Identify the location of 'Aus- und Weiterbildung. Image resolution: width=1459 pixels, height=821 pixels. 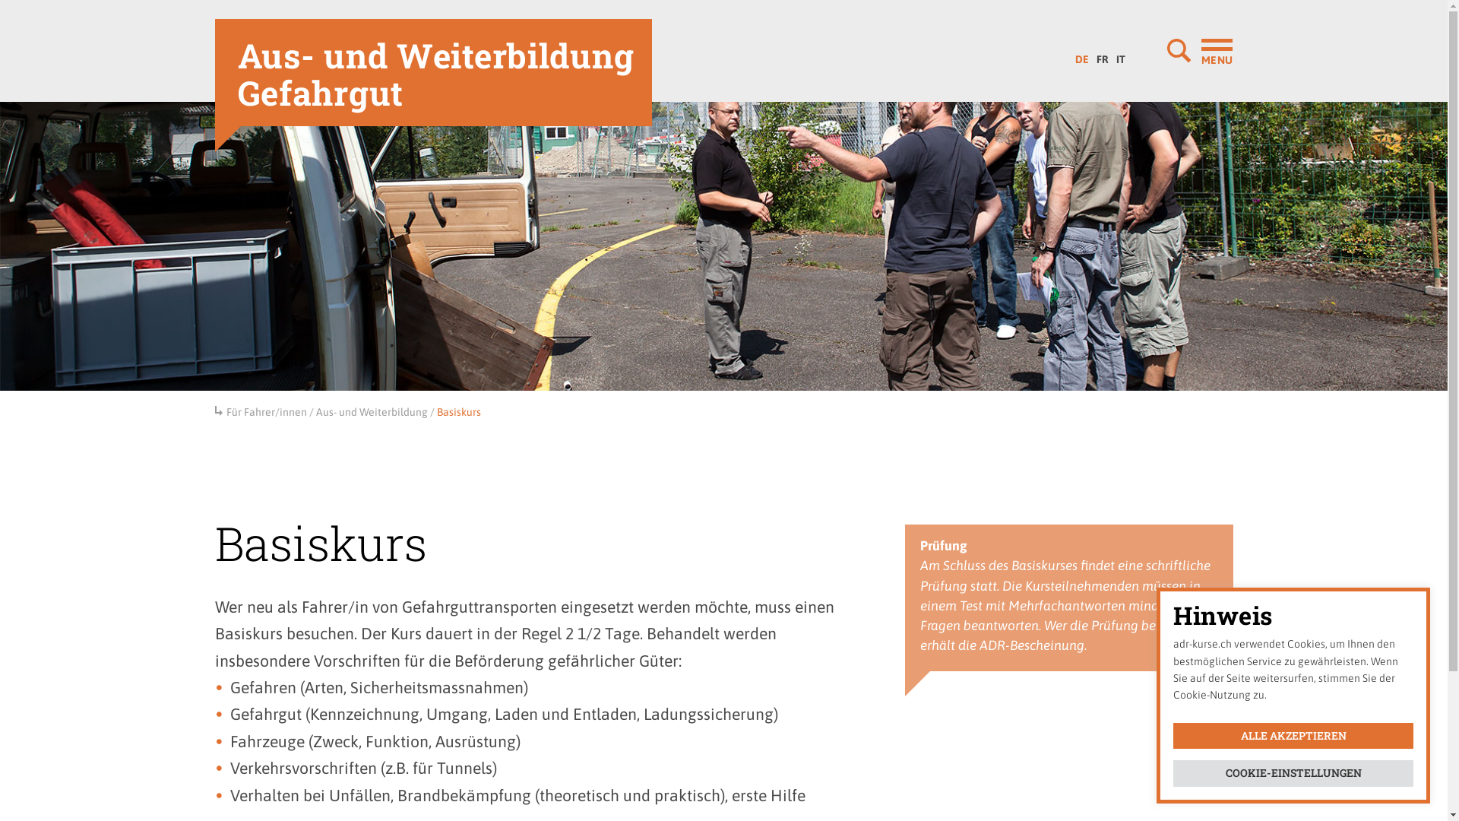
(432, 72).